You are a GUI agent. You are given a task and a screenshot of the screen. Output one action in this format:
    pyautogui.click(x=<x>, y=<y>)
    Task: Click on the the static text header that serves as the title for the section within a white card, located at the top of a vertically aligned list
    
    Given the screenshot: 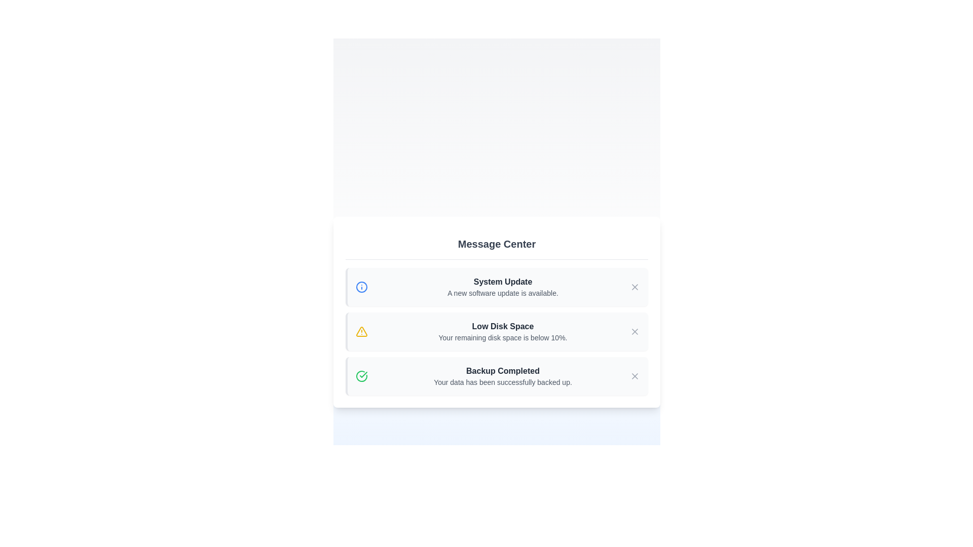 What is the action you would take?
    pyautogui.click(x=497, y=244)
    